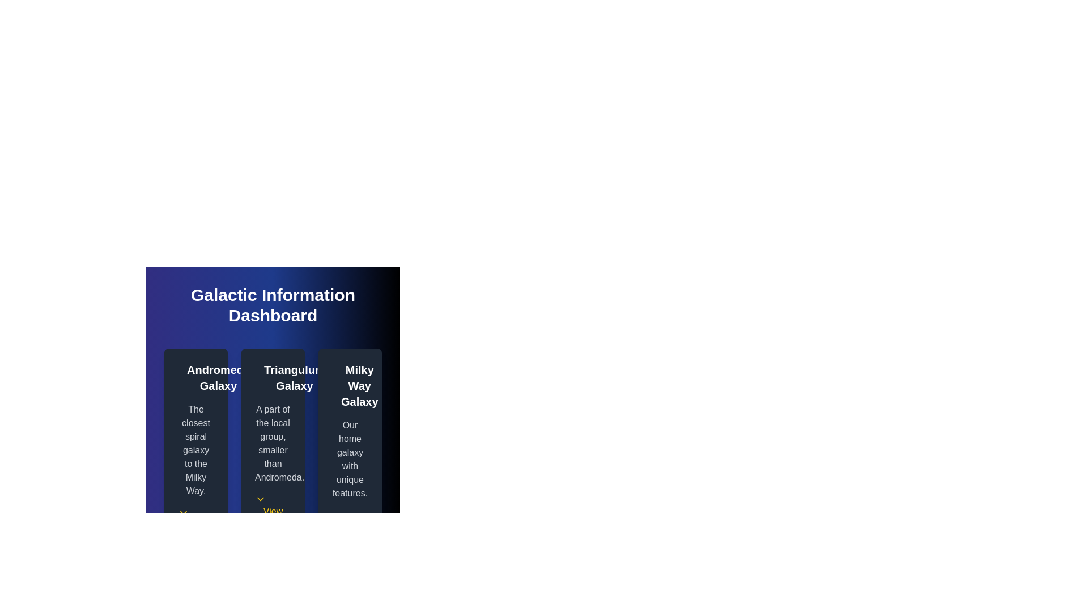 This screenshot has height=612, width=1088. Describe the element at coordinates (350, 454) in the screenshot. I see `the informational card about the Milky Way Galaxy, which is the third card in a horizontal grid, located between the Triangulum Galaxy card and empty space` at that location.